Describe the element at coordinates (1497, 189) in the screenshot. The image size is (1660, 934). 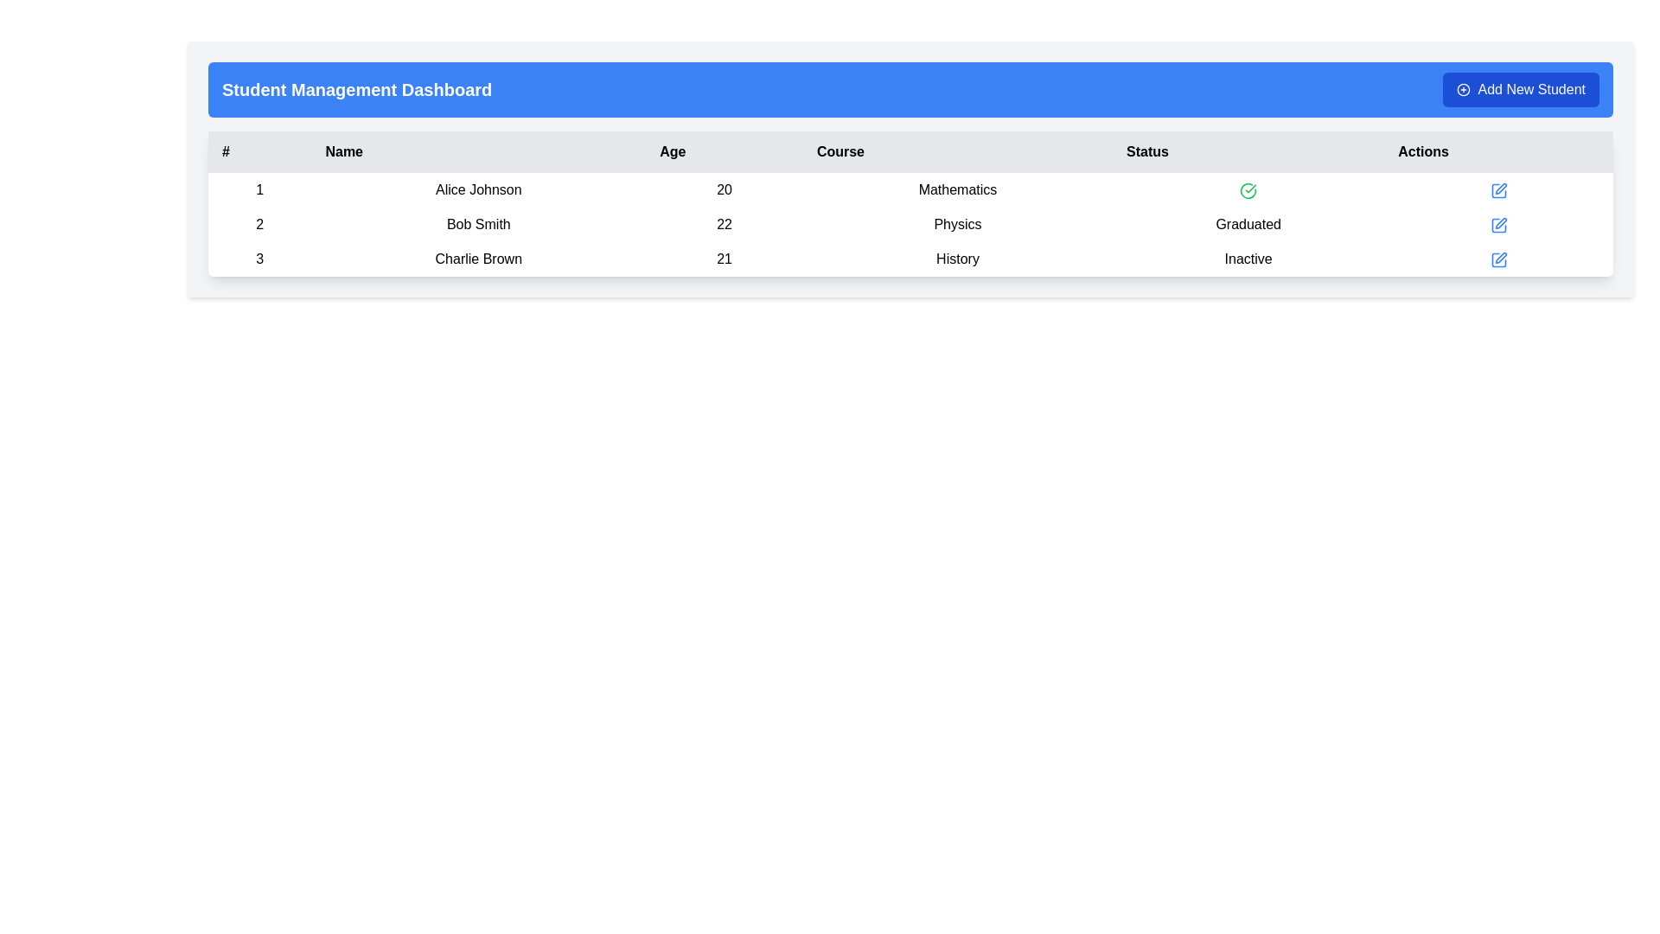
I see `the clickable icon button for editing the student 'Alice Johnson' located in the 'Actions' column of the first row in the student data table for keyboard navigation` at that location.